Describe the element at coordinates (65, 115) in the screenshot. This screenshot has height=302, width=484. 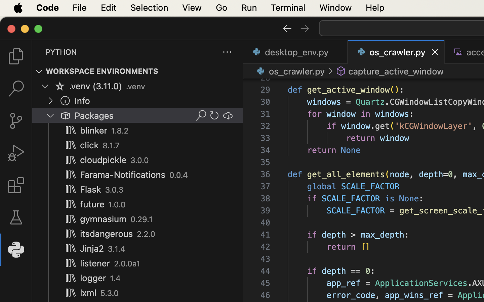
I see `''` at that location.